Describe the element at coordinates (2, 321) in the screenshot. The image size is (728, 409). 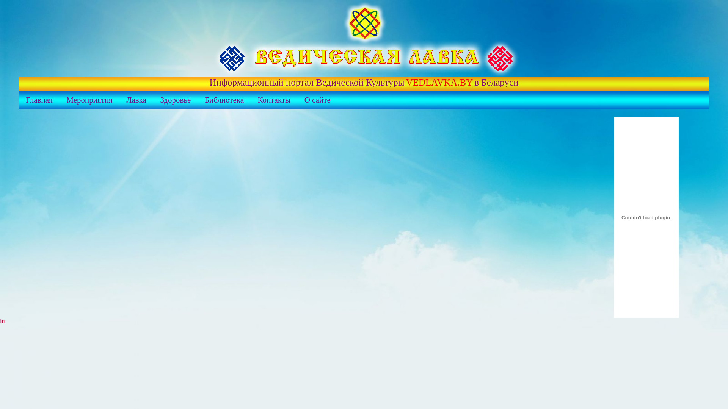
I see `'in'` at that location.